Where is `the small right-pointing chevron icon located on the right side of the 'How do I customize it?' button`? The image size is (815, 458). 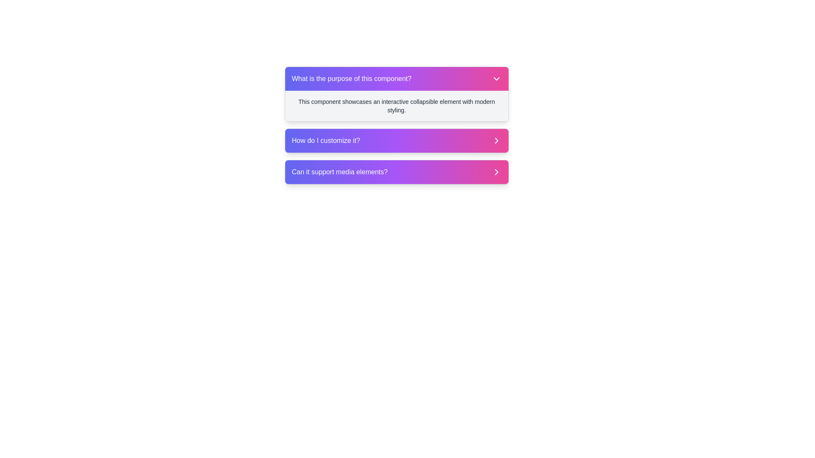 the small right-pointing chevron icon located on the right side of the 'How do I customize it?' button is located at coordinates (496, 140).